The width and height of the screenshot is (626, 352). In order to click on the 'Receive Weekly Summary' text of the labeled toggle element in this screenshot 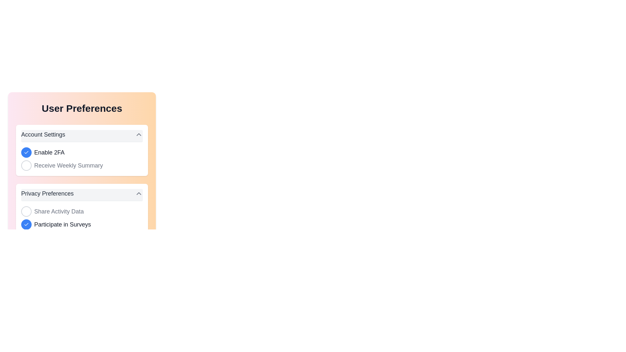, I will do `click(82, 165)`.